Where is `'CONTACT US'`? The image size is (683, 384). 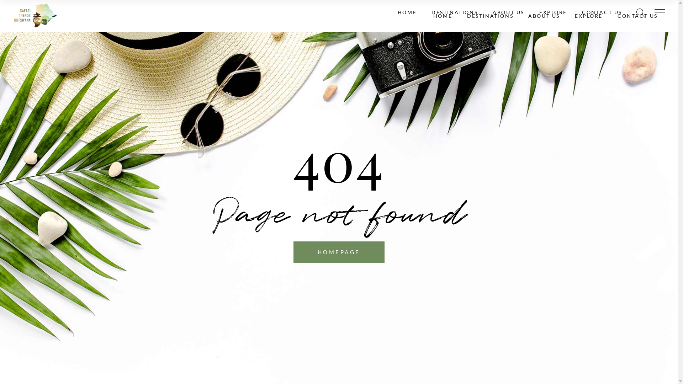
'CONTACT US' is located at coordinates (602, 12).